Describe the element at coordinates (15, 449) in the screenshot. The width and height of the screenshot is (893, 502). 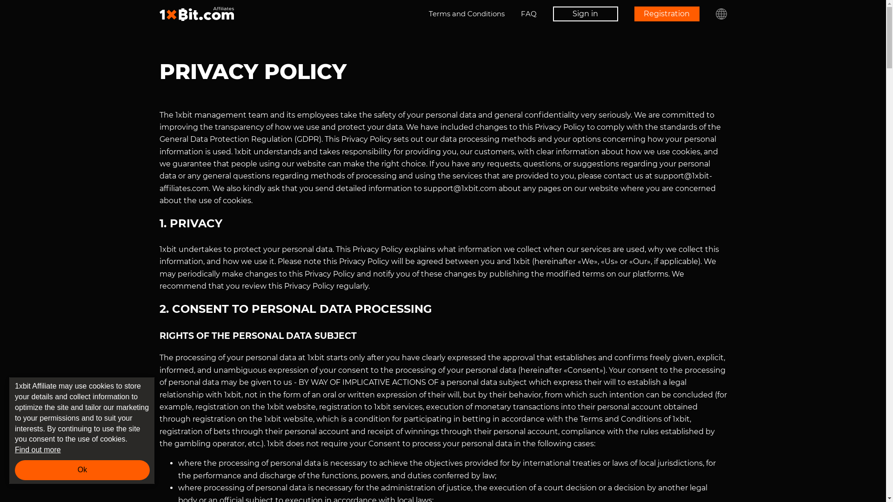
I see `'Find out more'` at that location.